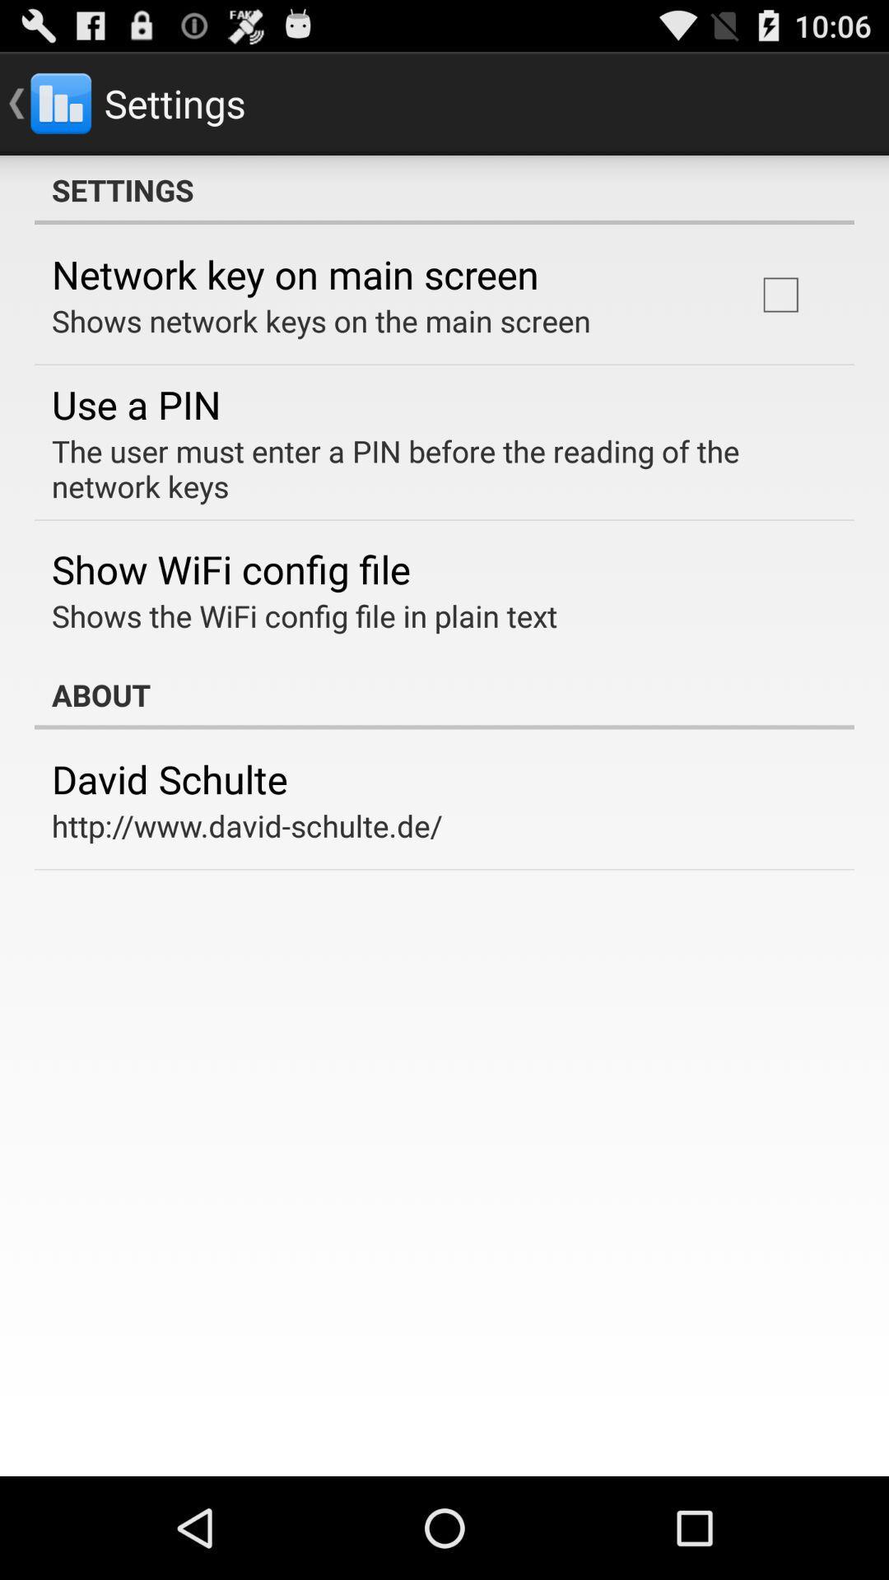 Image resolution: width=889 pixels, height=1580 pixels. Describe the element at coordinates (432, 467) in the screenshot. I see `the user must item` at that location.